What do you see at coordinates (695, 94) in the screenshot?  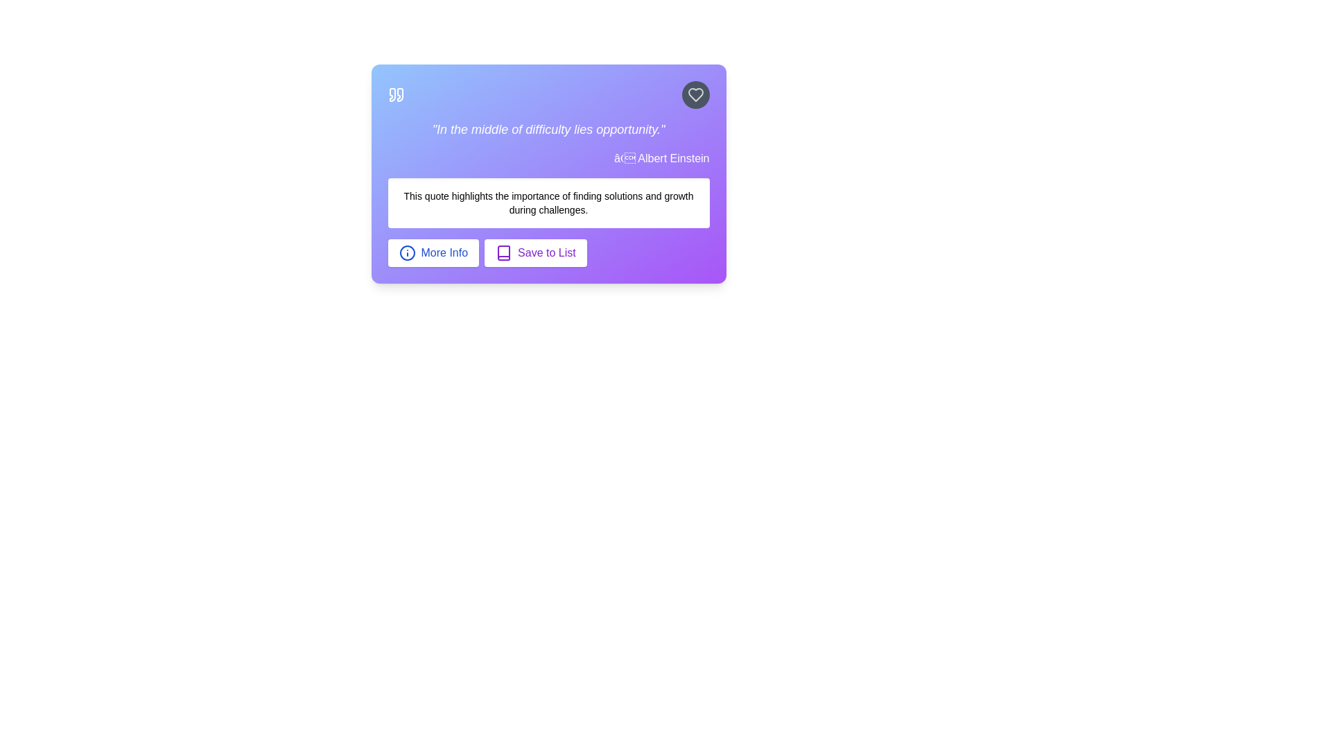 I see `the heart-shaped icon in the top-right corner of the card` at bounding box center [695, 94].